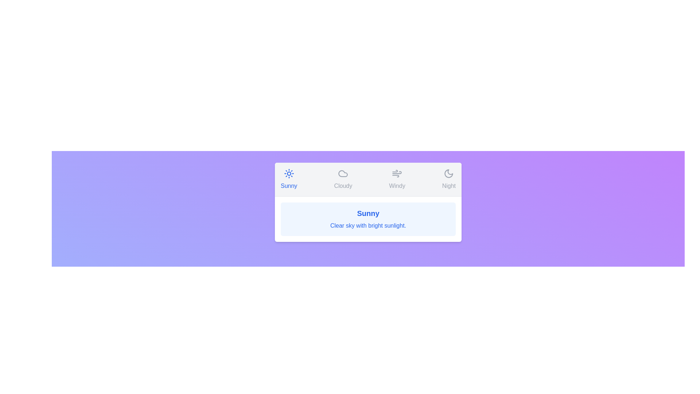 This screenshot has height=394, width=700. Describe the element at coordinates (448, 179) in the screenshot. I see `the Night tab to switch to the corresponding weather condition` at that location.